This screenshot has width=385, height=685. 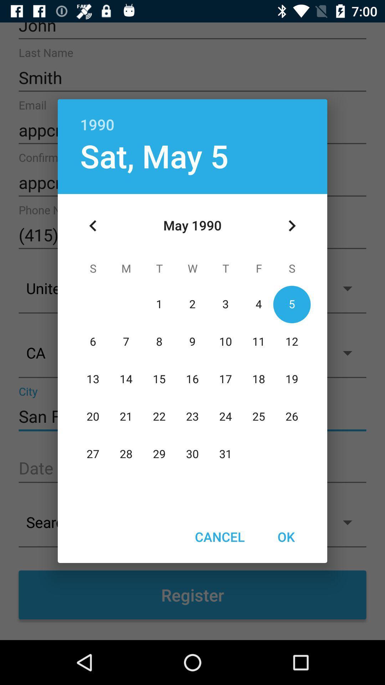 What do you see at coordinates (192, 117) in the screenshot?
I see `the 1990` at bounding box center [192, 117].